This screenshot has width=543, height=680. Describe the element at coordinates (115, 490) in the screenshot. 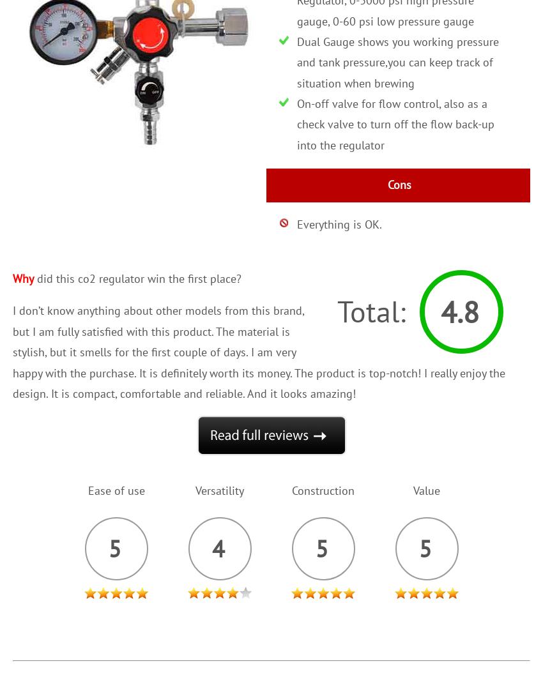

I see `'Ease of use'` at that location.